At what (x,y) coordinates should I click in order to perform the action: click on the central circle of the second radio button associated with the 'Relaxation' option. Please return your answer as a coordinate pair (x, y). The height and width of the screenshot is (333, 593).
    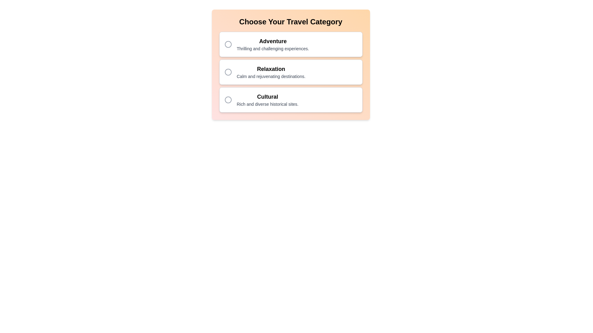
    Looking at the image, I should click on (228, 72).